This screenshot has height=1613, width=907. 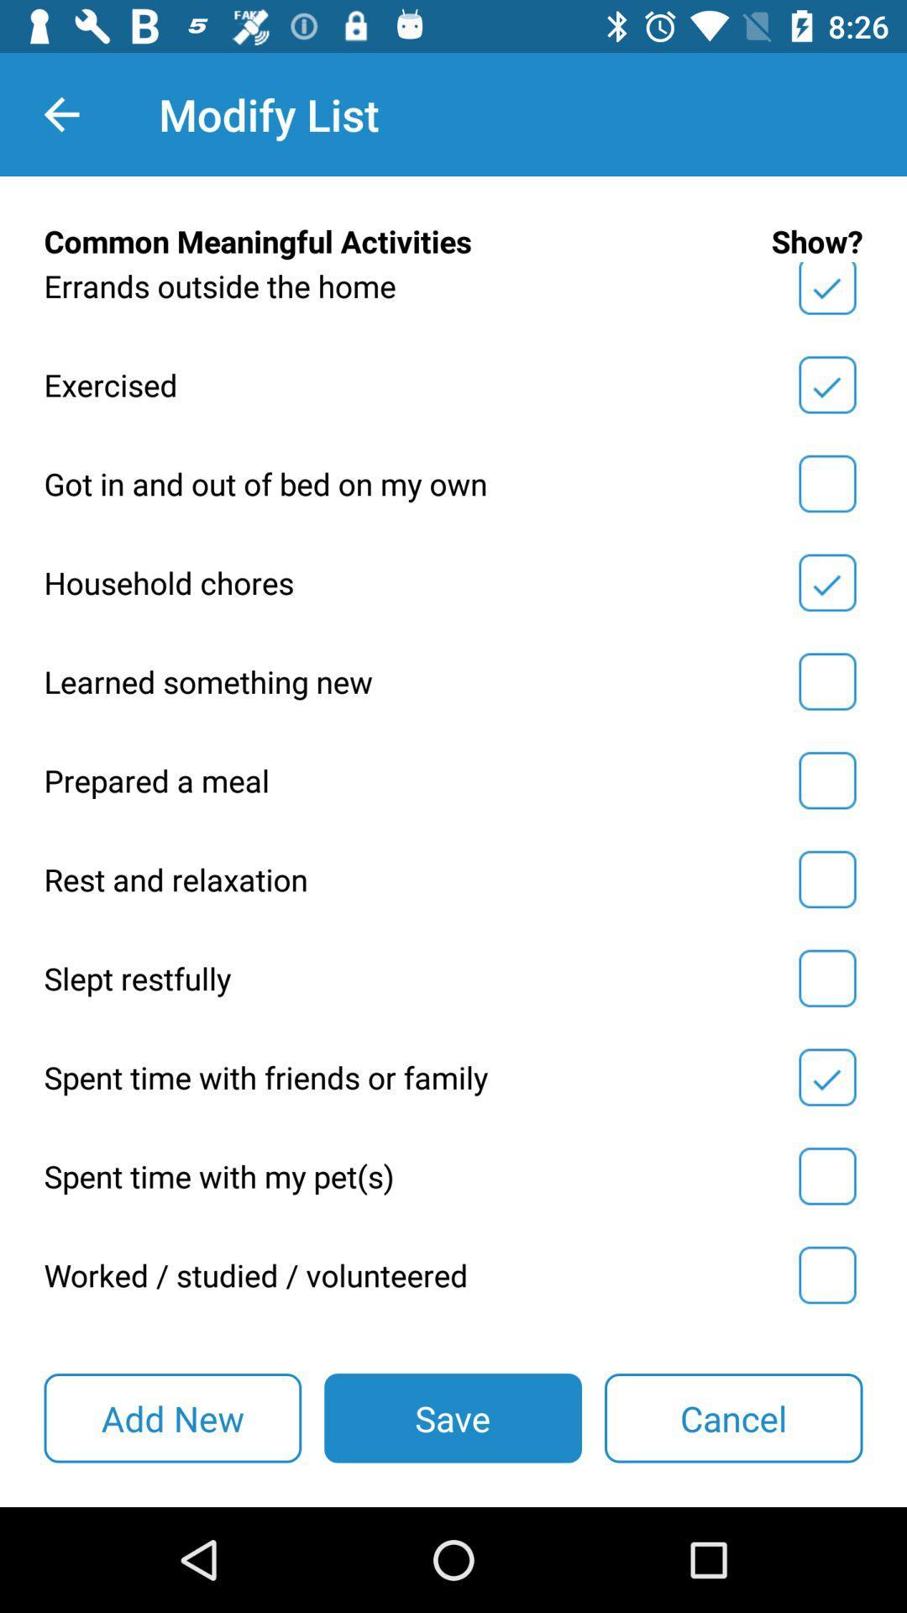 What do you see at coordinates (826, 582) in the screenshot?
I see `check the activities in your bucketlist` at bounding box center [826, 582].